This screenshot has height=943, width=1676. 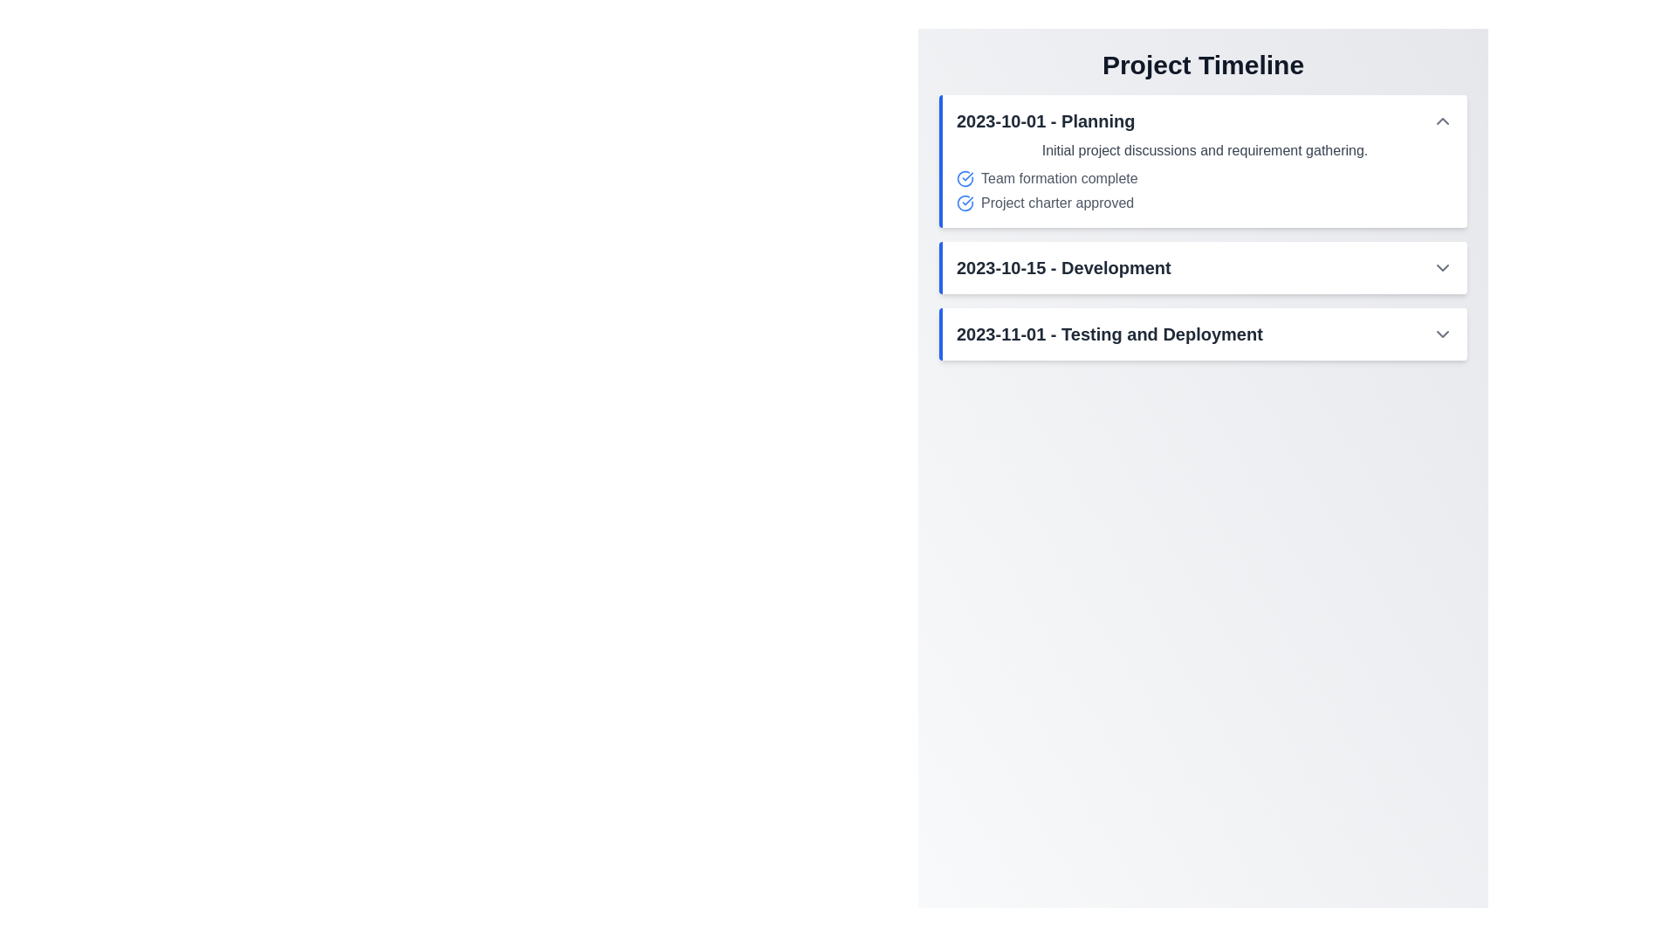 I want to click on the Dropdown indicator icon on the right end of the row containing '2023-11-01 - Testing and Deployment', so click(x=1442, y=334).